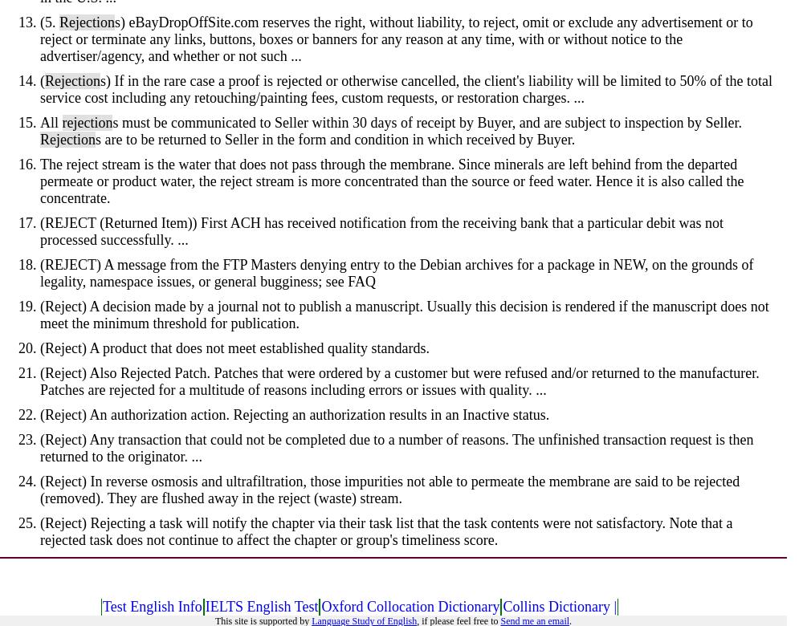 Image resolution: width=803 pixels, height=626 pixels. Describe the element at coordinates (61, 122) in the screenshot. I see `'rejection'` at that location.